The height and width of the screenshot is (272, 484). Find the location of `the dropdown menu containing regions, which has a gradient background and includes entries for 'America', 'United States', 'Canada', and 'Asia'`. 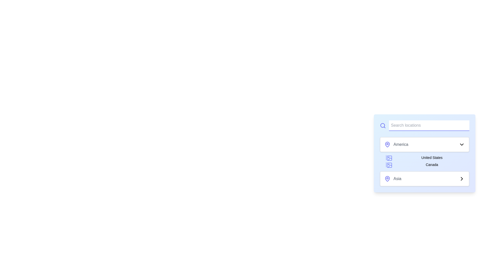

the dropdown menu containing regions, which has a gradient background and includes entries for 'America', 'United States', 'Canada', and 'Asia' is located at coordinates (424, 161).